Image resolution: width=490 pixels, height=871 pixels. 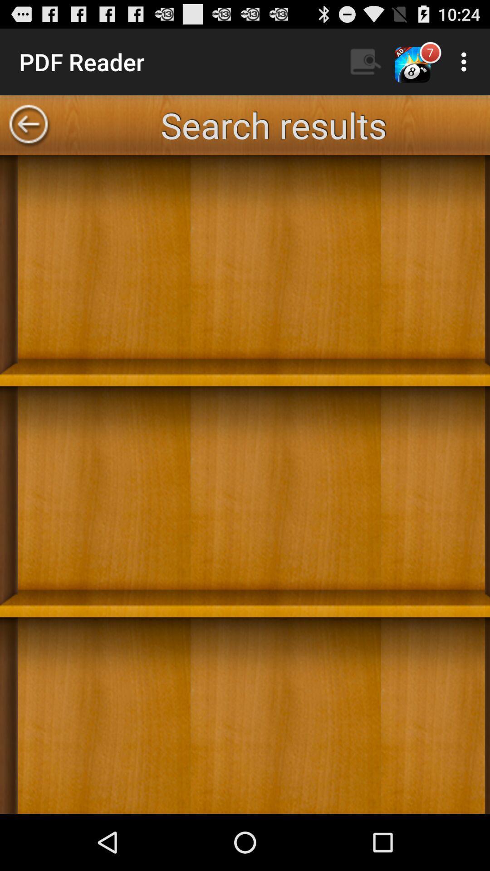 I want to click on item to the right of the pdf reader icon, so click(x=365, y=61).